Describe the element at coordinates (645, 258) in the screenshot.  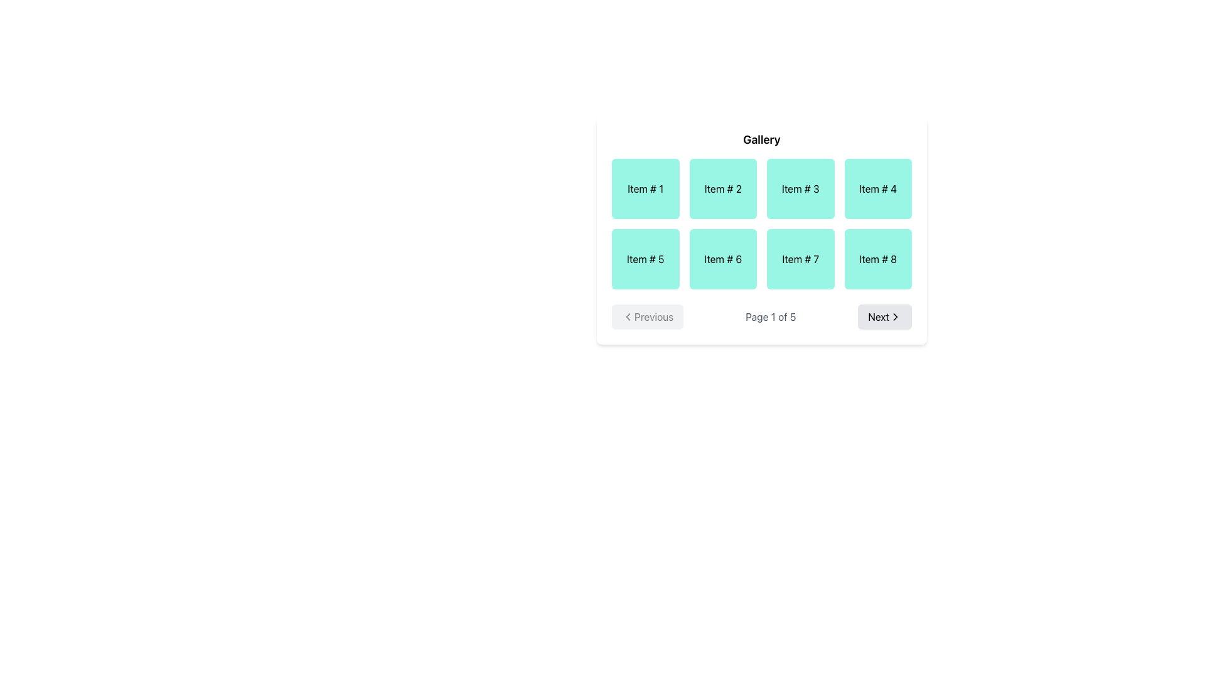
I see `the text label that identifies the fifth item in the gallery, which is centered within the fifth item card in a grid layout` at that location.